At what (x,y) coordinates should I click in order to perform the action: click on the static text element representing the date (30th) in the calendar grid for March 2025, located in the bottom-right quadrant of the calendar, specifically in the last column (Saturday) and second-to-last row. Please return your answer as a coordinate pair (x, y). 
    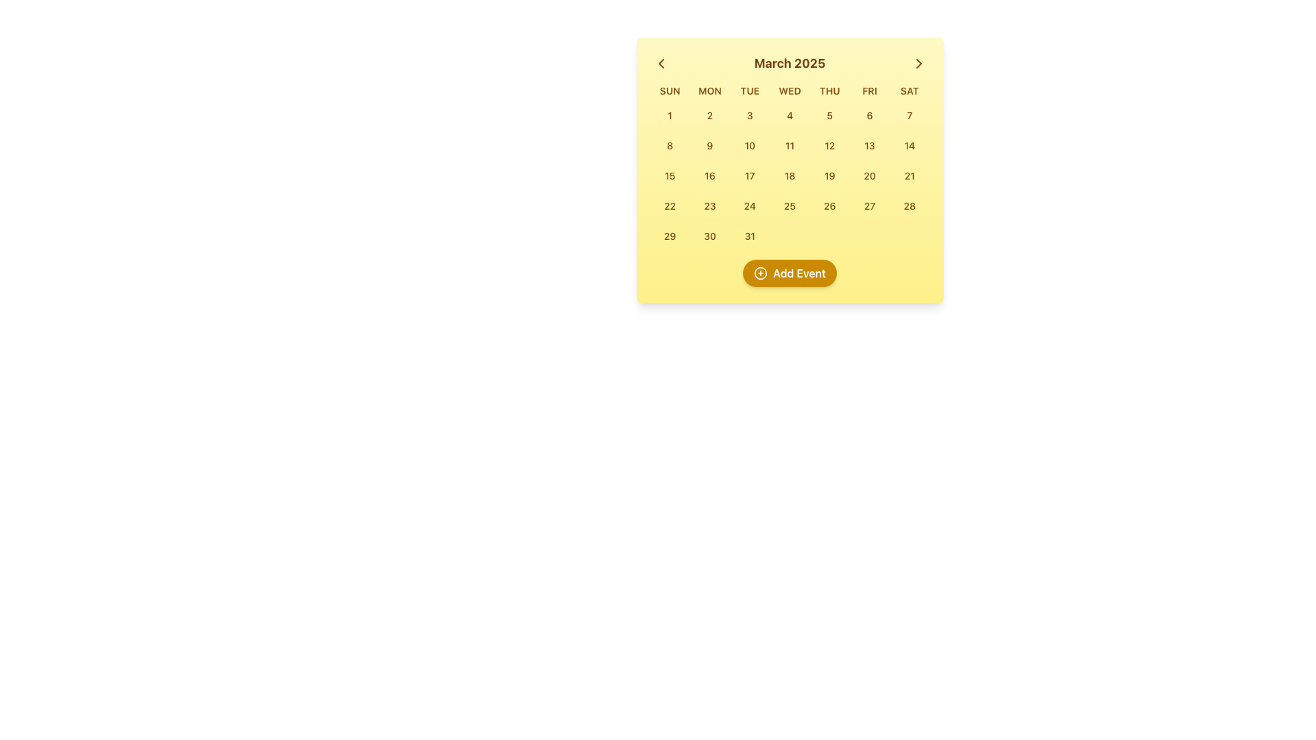
    Looking at the image, I should click on (709, 235).